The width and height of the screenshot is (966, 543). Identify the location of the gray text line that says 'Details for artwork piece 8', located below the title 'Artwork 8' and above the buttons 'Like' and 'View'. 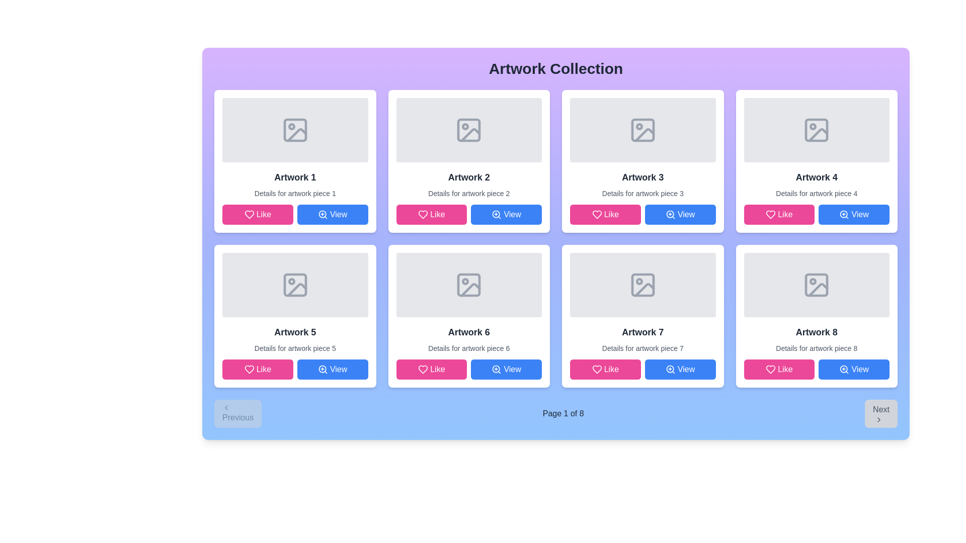
(817, 348).